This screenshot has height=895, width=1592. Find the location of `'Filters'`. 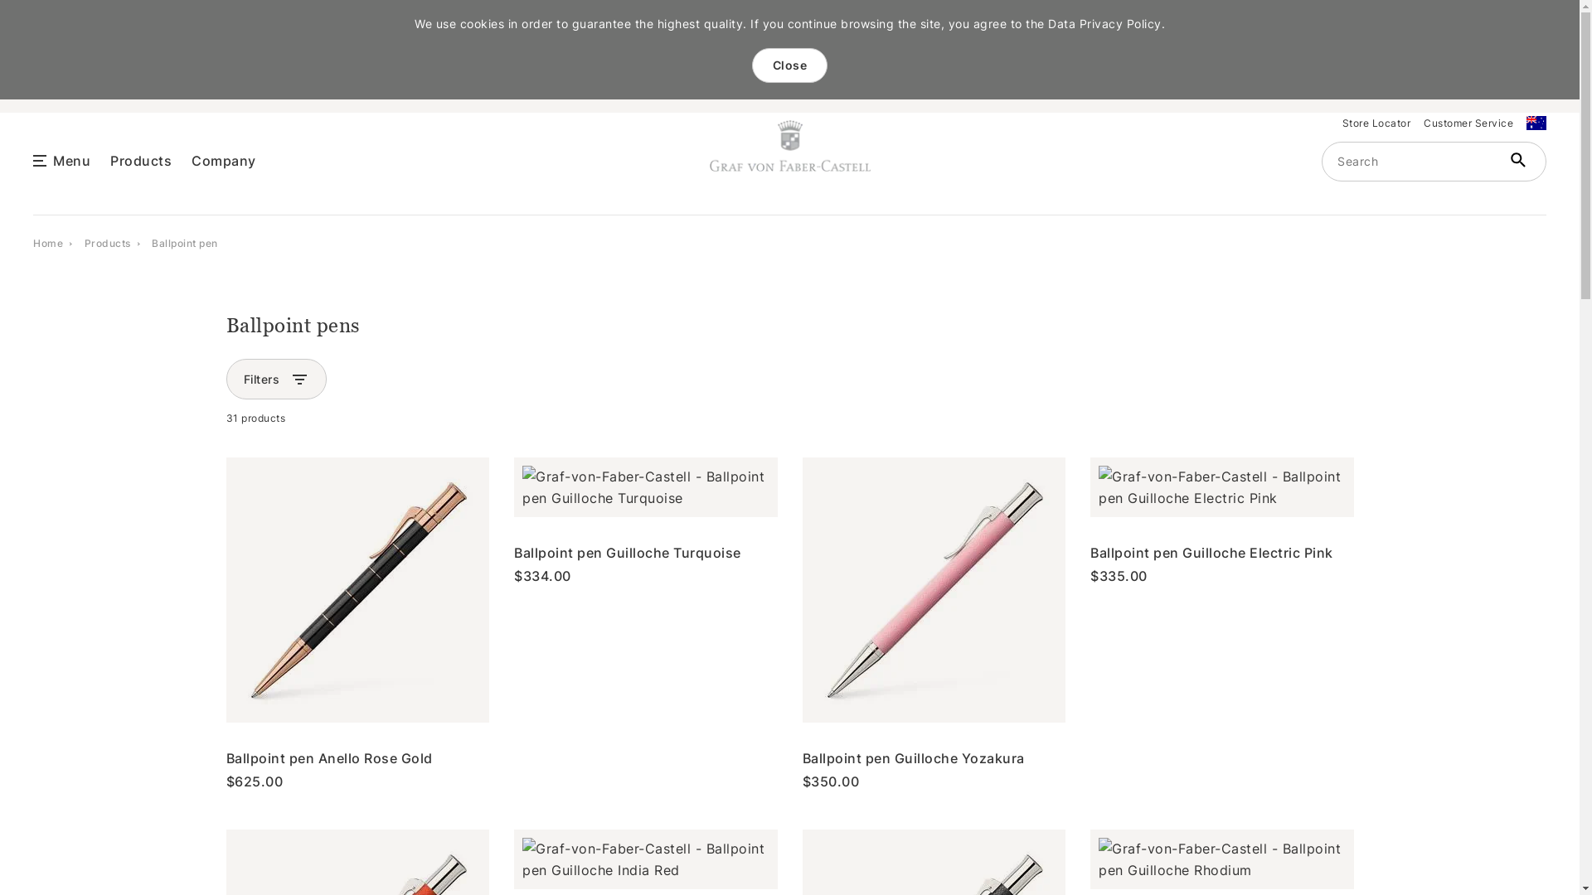

'Filters' is located at coordinates (261, 379).